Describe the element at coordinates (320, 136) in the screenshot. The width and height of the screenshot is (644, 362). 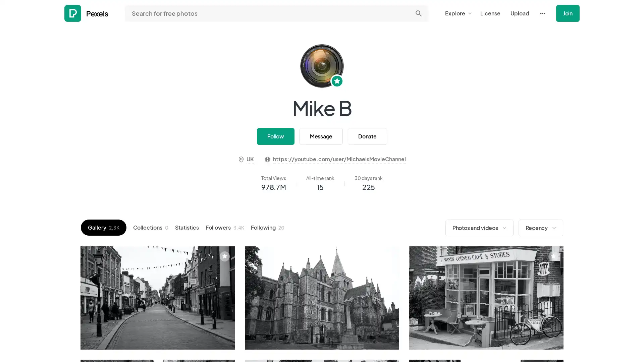
I see `Message` at that location.